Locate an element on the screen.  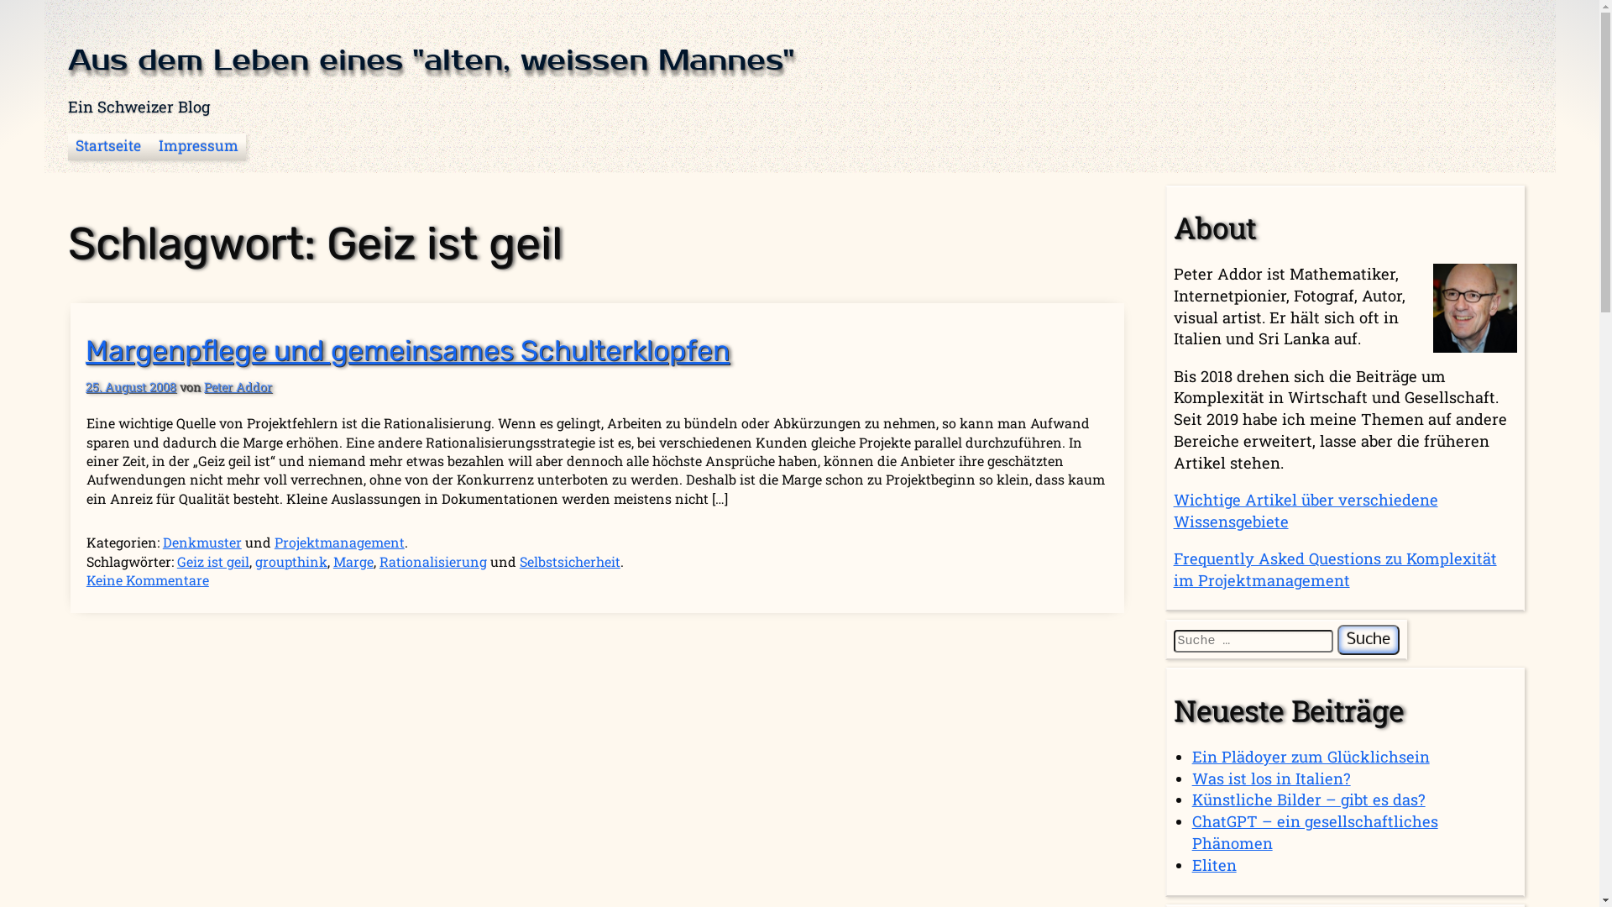
'Selbstsicherheit' is located at coordinates (569, 561).